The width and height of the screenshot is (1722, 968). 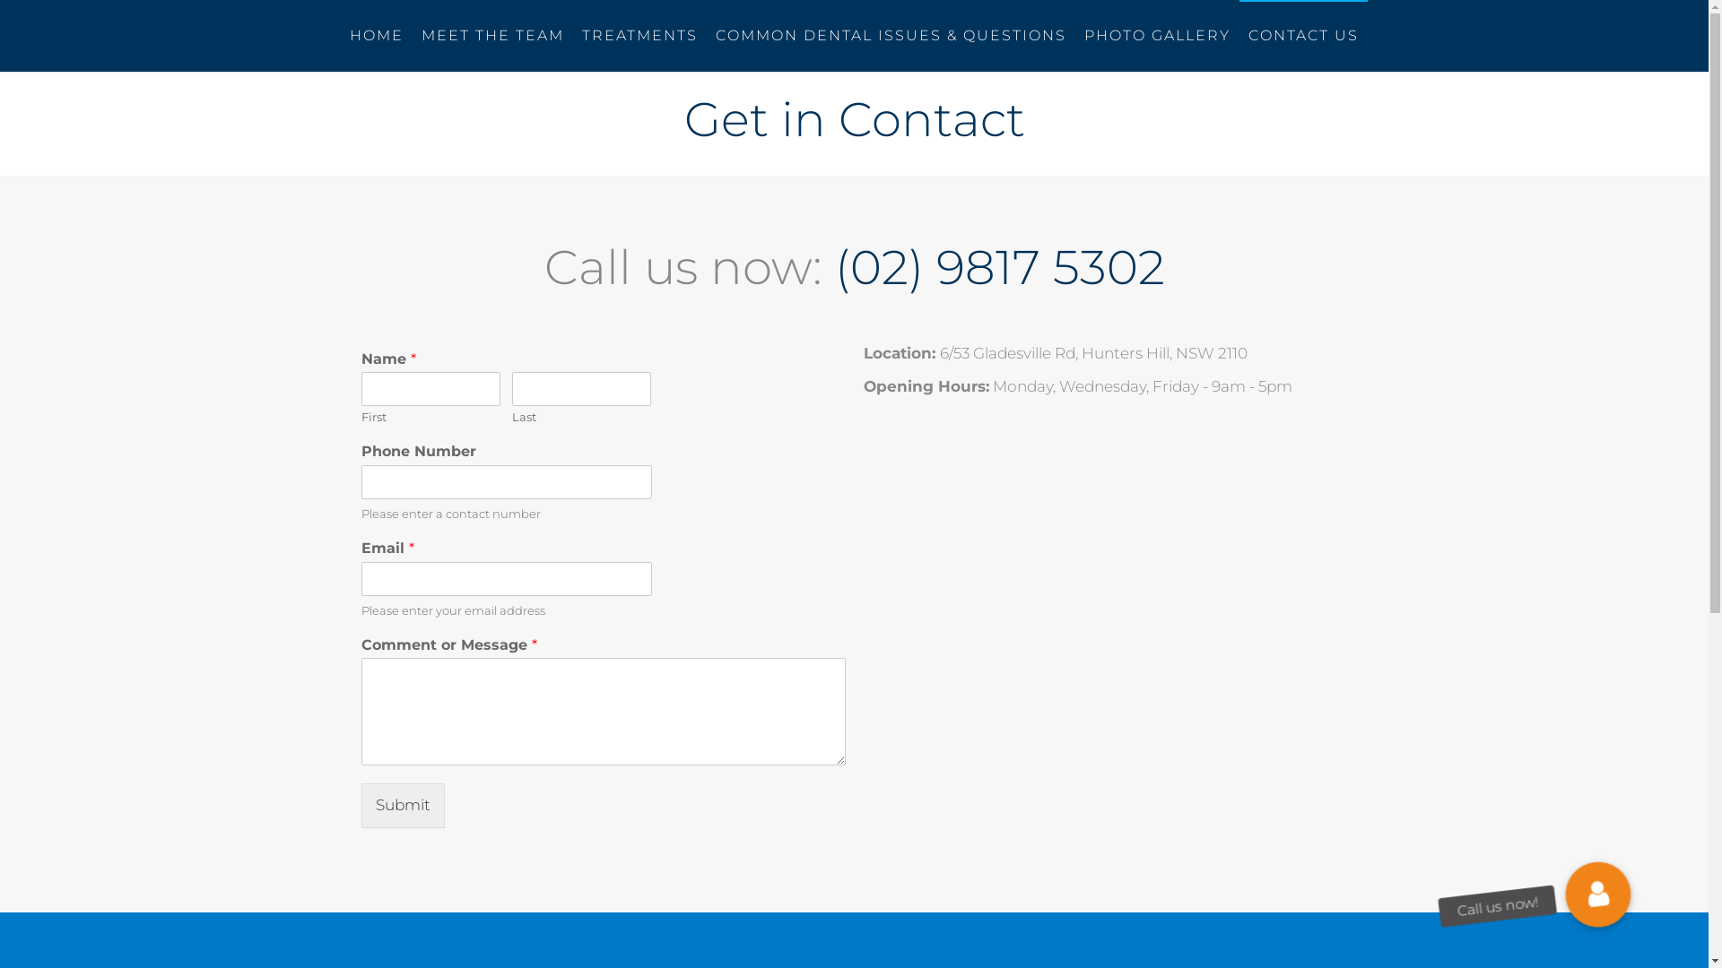 What do you see at coordinates (1303, 35) in the screenshot?
I see `'CONTACT US'` at bounding box center [1303, 35].